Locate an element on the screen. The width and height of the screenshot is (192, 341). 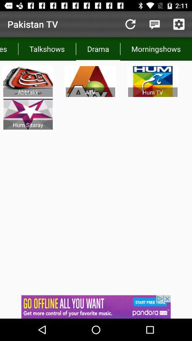
back is located at coordinates (130, 24).